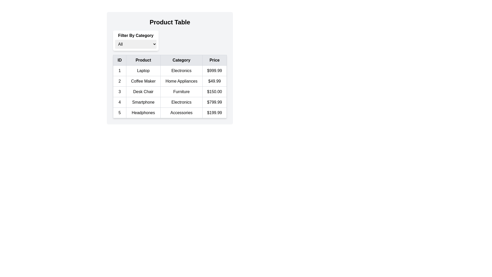 The image size is (492, 277). I want to click on the fourth row of the product table, which contains cells for '4', 'Smartphone', 'Electronics', and '$799.99', to focus on this row, so click(170, 102).